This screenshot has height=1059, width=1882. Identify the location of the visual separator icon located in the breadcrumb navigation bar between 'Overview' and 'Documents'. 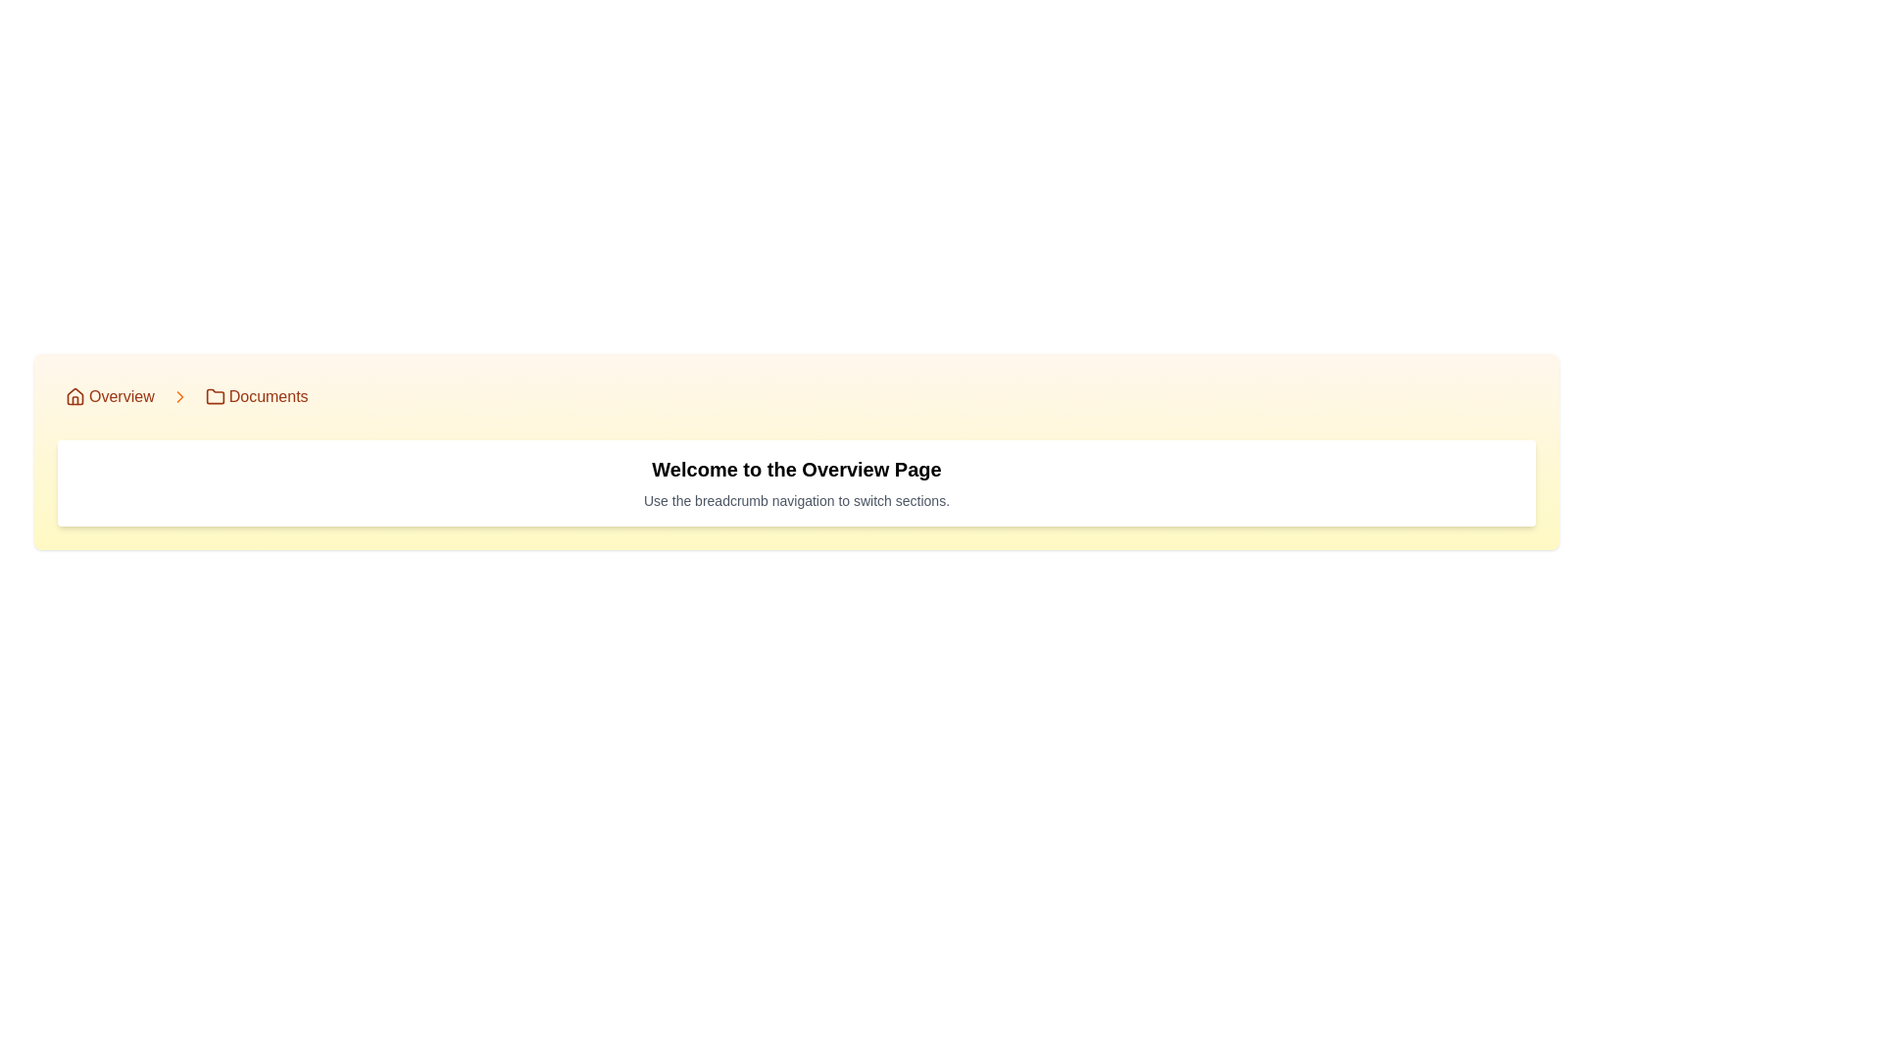
(179, 397).